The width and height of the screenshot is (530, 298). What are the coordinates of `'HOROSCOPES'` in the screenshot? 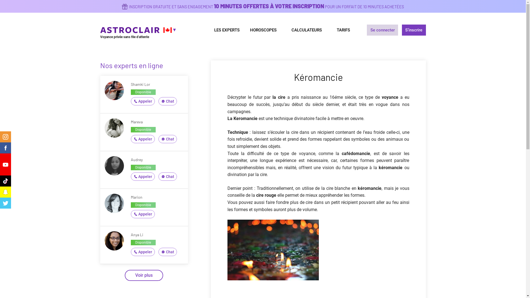 It's located at (245, 30).